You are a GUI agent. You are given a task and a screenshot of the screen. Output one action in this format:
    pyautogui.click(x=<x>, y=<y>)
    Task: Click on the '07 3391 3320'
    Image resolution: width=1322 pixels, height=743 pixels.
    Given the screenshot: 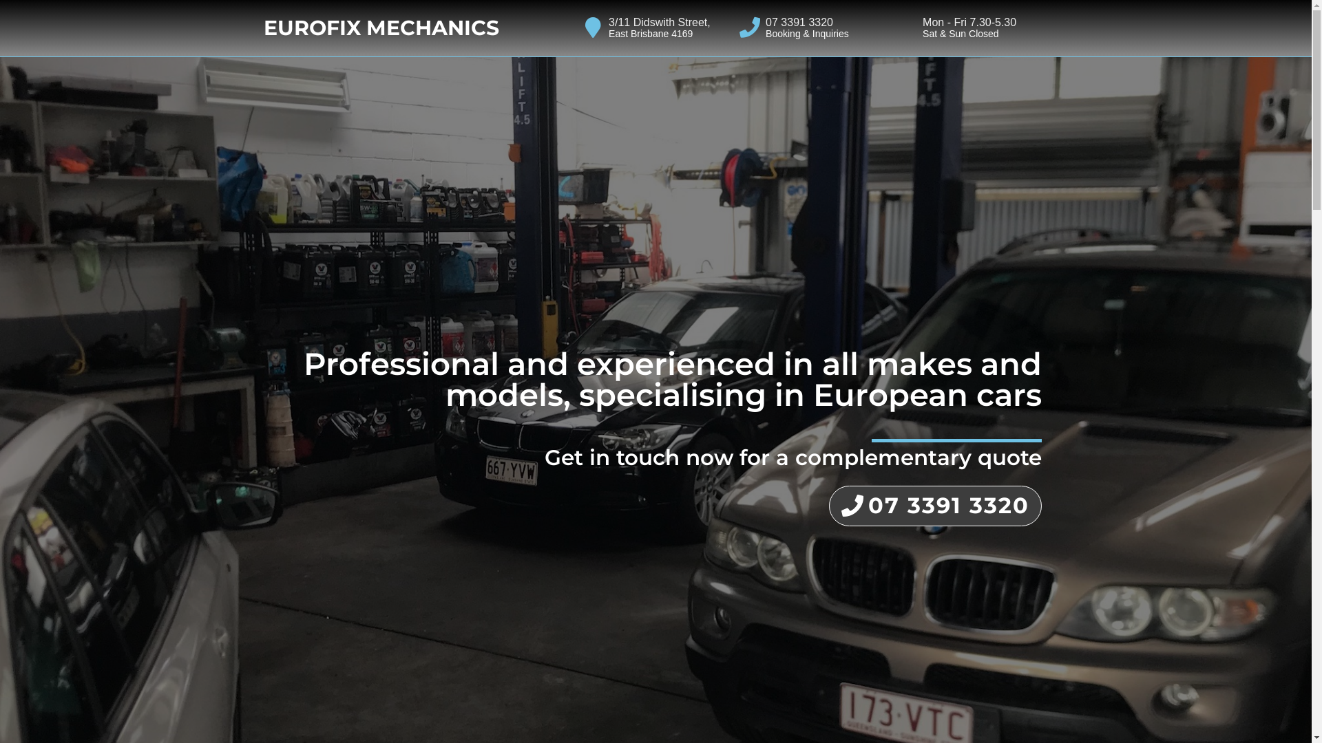 What is the action you would take?
    pyautogui.click(x=935, y=506)
    